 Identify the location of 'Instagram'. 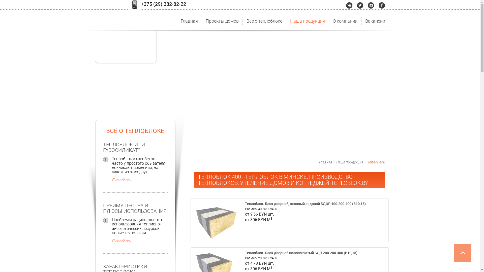
(371, 5).